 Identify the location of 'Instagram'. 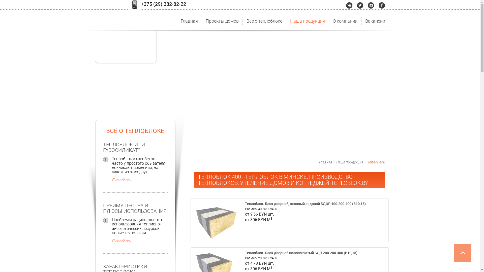
(371, 5).